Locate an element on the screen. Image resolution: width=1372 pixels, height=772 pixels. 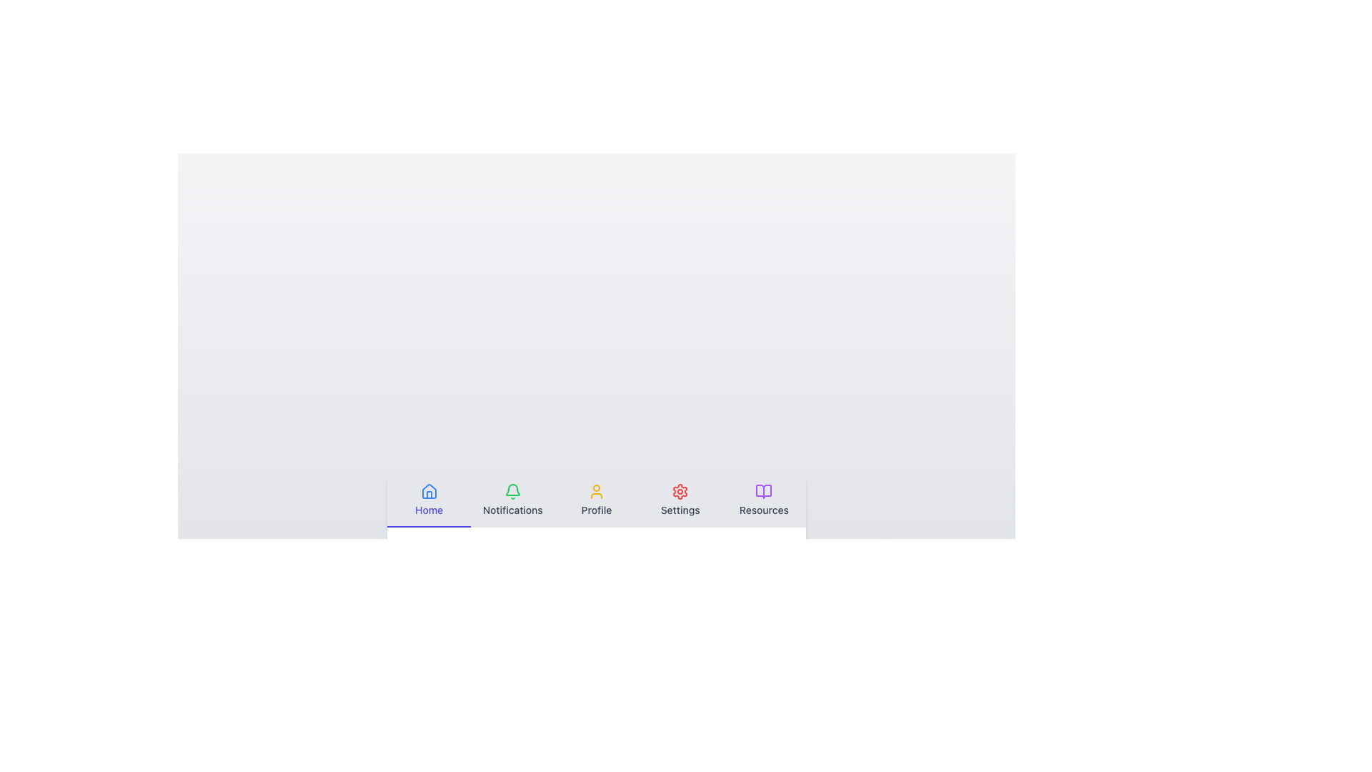
the 'Resources' menu item, which features a purple open book icon above the word 'Resources' in black text, located at the far-right end of the navigation bar is located at coordinates (763, 499).